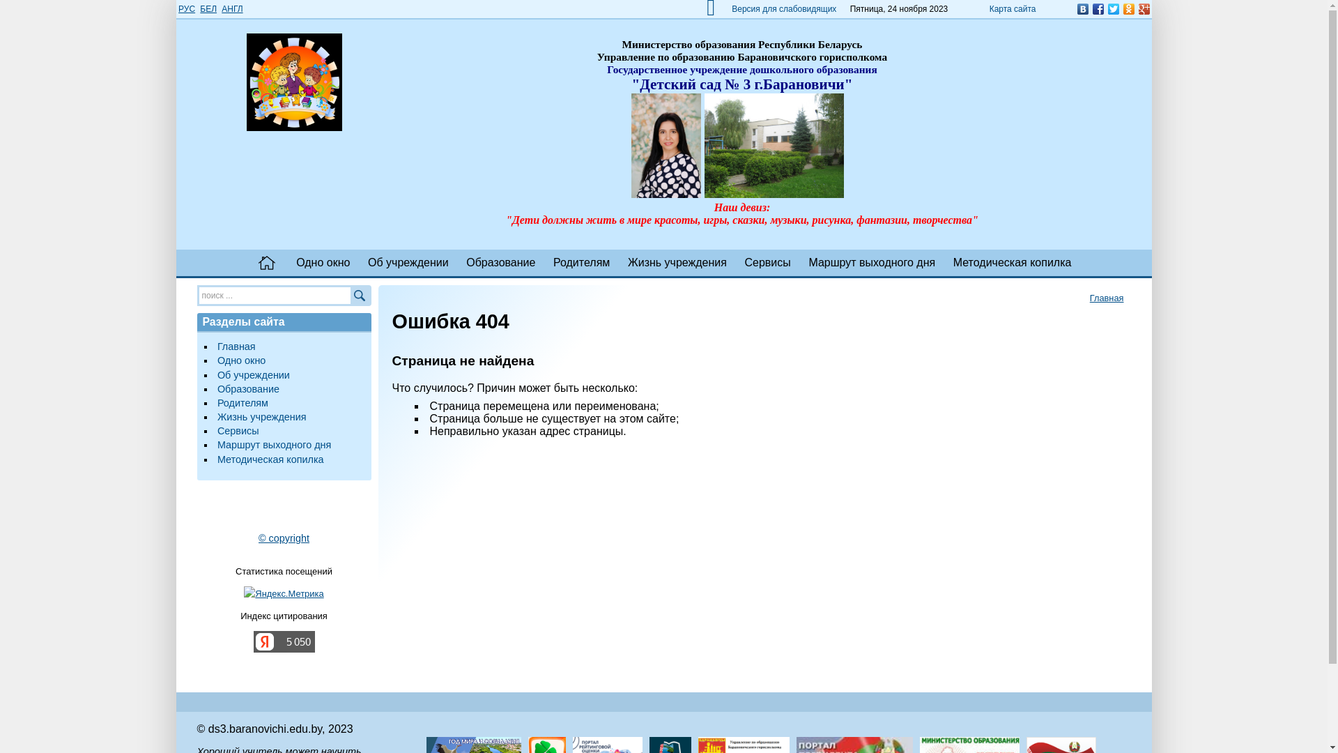 The height and width of the screenshot is (753, 1338). What do you see at coordinates (1112, 8) in the screenshot?
I see `'Twitter'` at bounding box center [1112, 8].